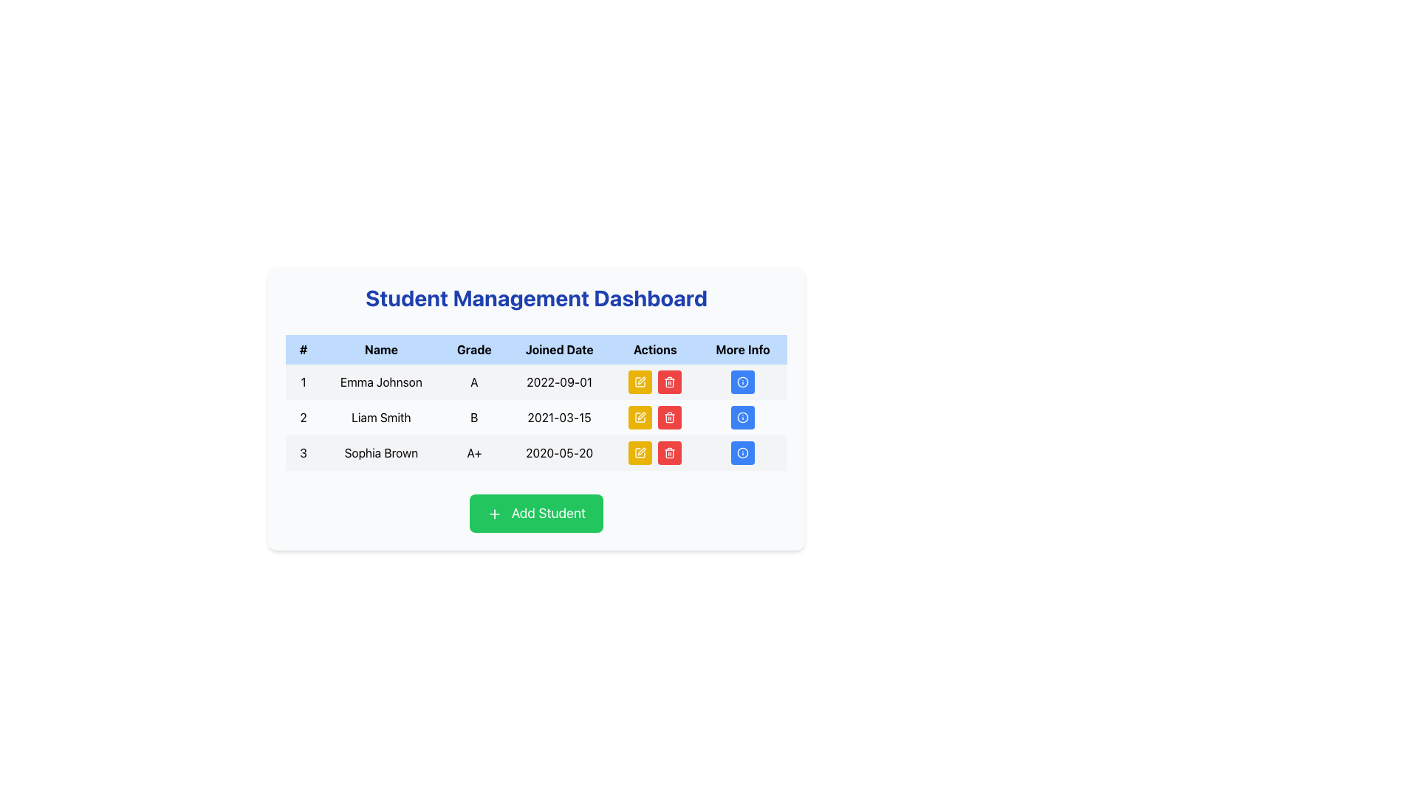 Image resolution: width=1418 pixels, height=797 pixels. I want to click on the informational button located in the 'More Info' column of the third row corresponding to Sophia Brown, which is encapsulated within a circular blue button, so click(743, 452).